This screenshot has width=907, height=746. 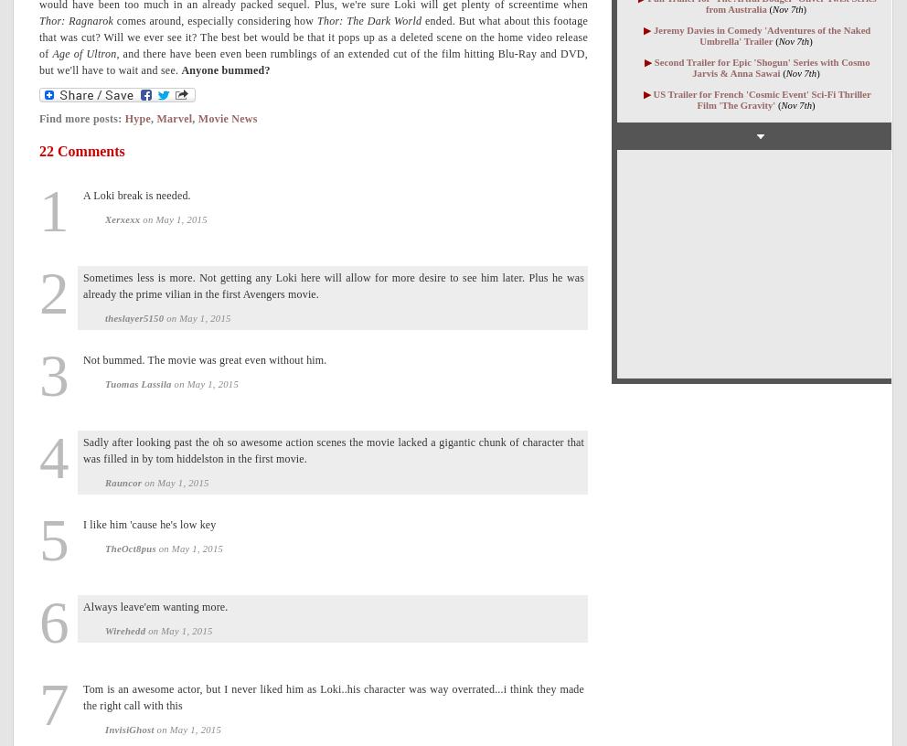 What do you see at coordinates (368, 19) in the screenshot?
I see `'Thor: The Dark World'` at bounding box center [368, 19].